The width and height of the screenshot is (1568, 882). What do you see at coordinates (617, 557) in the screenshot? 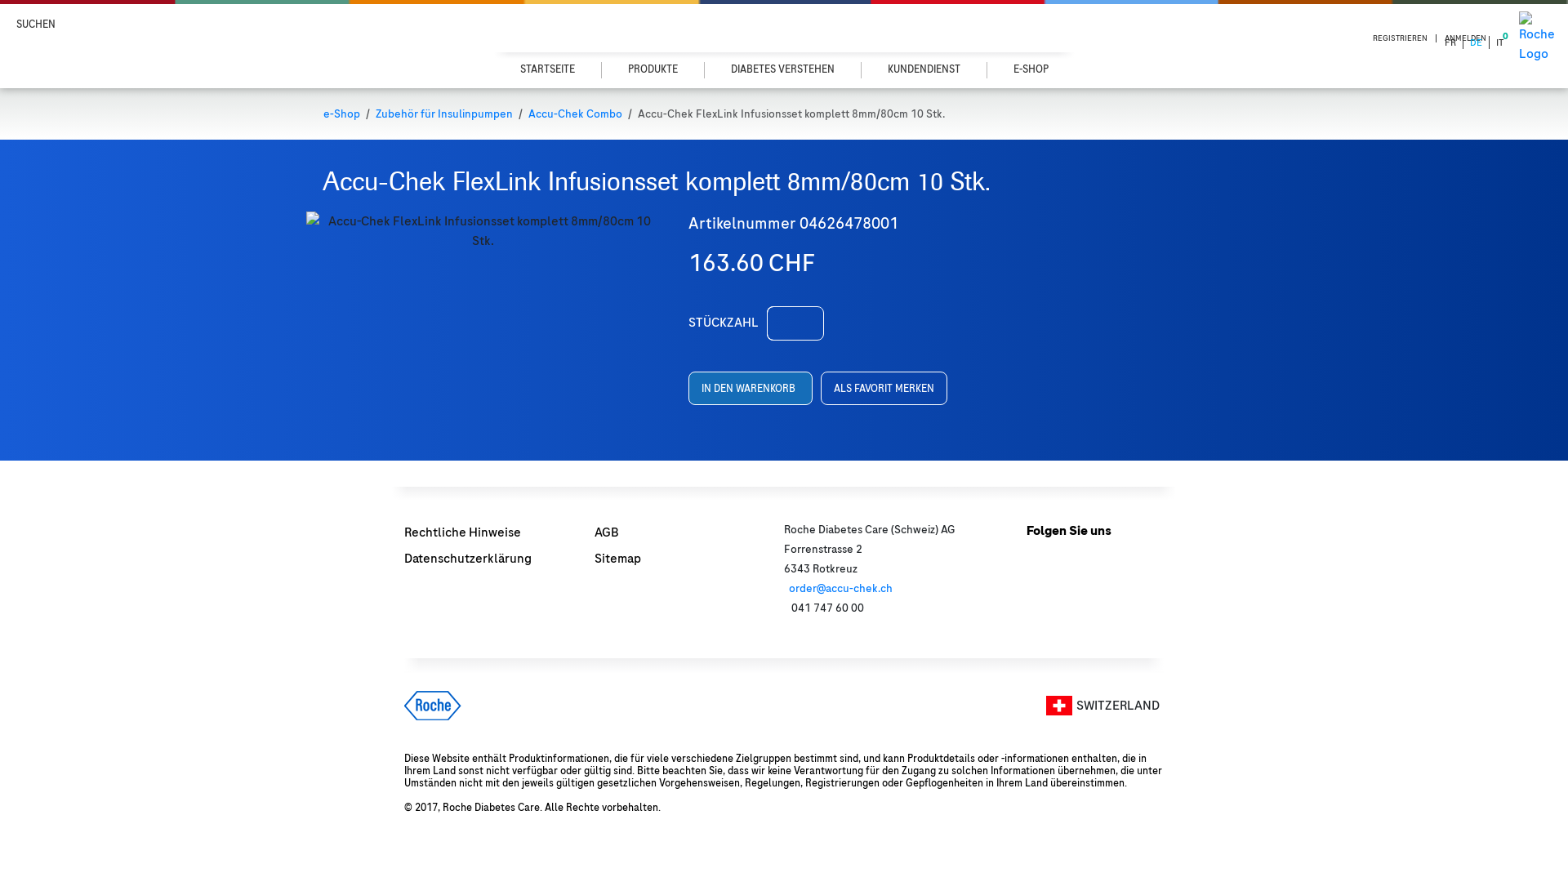
I see `'Sitemap'` at bounding box center [617, 557].